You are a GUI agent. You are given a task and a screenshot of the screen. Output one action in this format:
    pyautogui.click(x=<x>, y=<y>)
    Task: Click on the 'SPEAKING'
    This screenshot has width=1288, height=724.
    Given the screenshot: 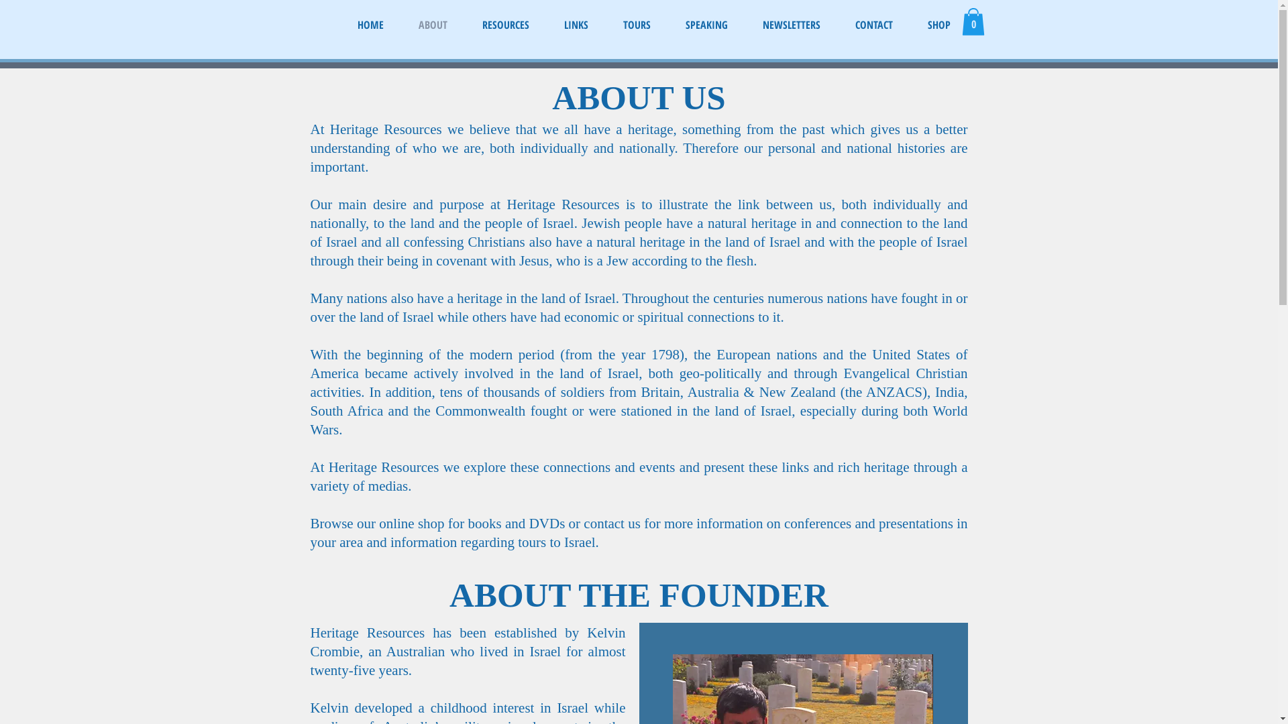 What is the action you would take?
    pyautogui.click(x=706, y=22)
    